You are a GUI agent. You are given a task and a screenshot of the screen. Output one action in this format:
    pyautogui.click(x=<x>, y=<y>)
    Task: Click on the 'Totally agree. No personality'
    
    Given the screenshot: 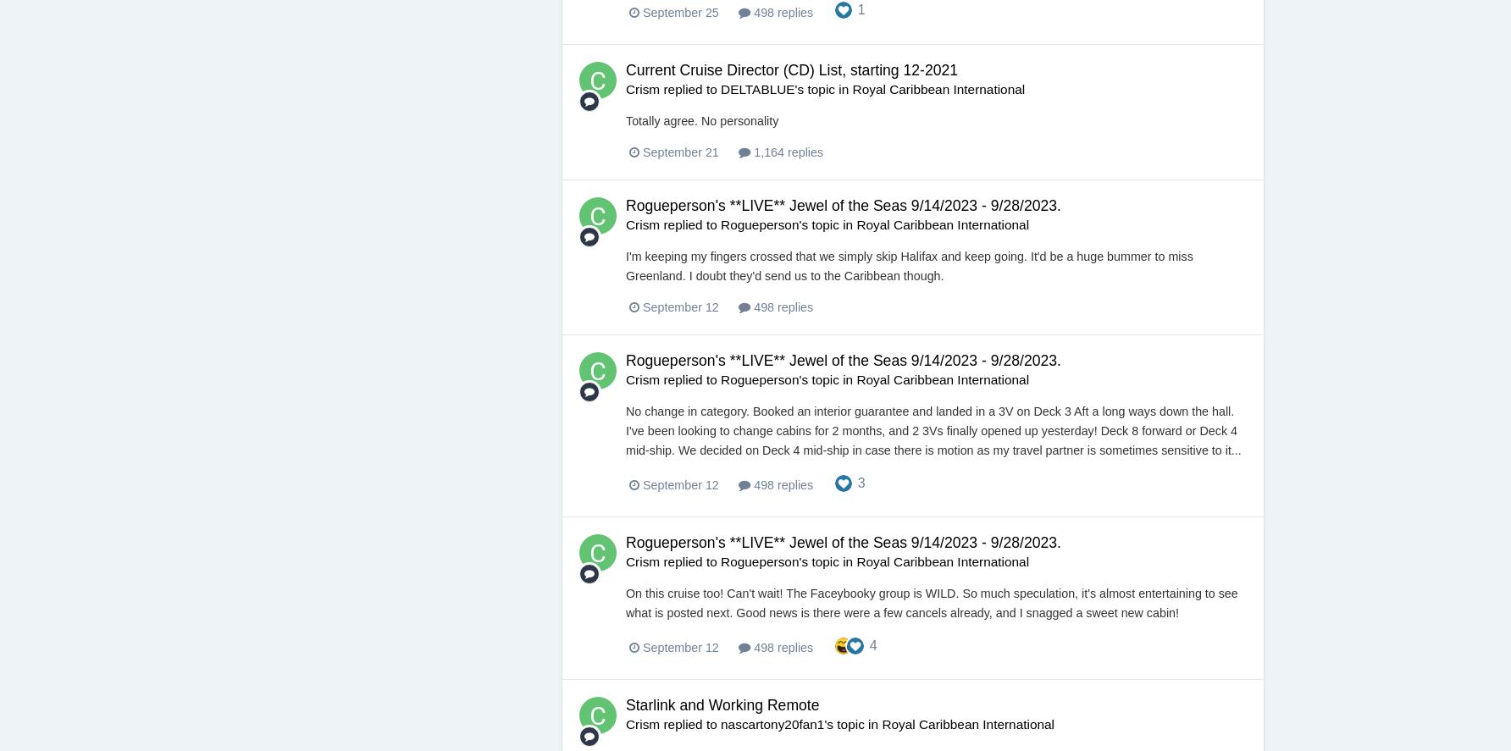 What is the action you would take?
    pyautogui.click(x=701, y=120)
    